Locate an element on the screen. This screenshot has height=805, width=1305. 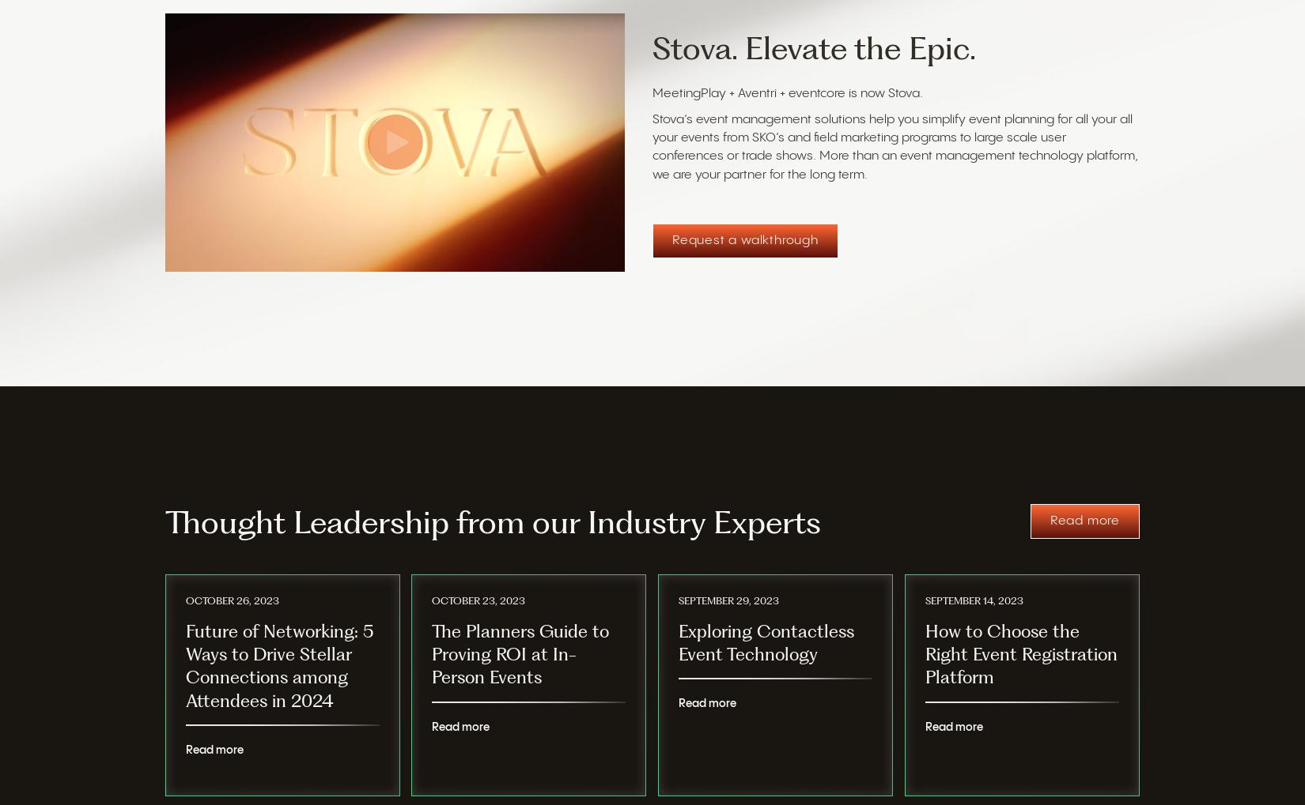
'September 14, 2023' is located at coordinates (925, 601).